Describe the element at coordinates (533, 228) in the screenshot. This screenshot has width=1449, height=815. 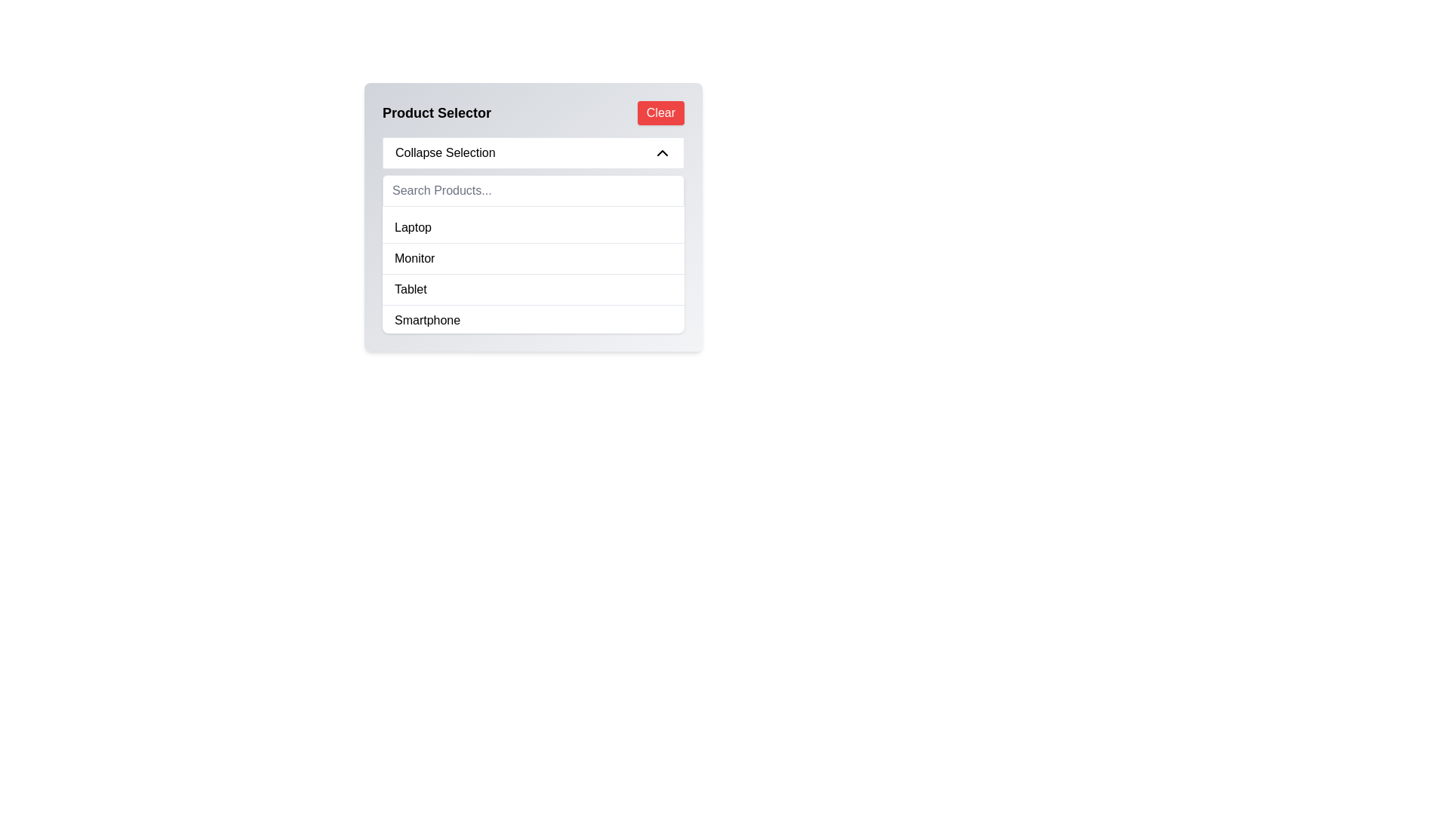
I see `to select the first list item labeled 'Laptop' in the dropdown menu titled 'Product Selector', which is styled with a hoverable background color change effect` at that location.